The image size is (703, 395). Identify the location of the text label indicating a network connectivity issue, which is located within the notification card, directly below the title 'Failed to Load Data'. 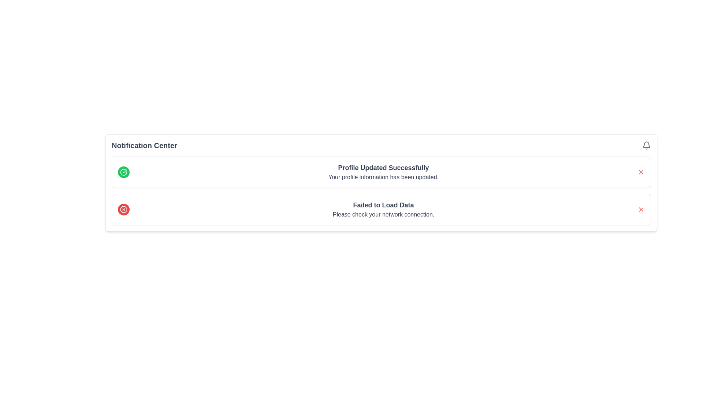
(383, 214).